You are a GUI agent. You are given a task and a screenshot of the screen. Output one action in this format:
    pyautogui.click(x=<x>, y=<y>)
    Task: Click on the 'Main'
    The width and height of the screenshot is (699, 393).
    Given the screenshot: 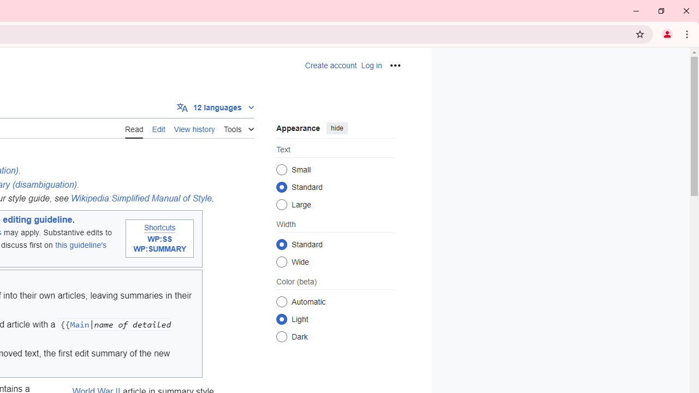 What is the action you would take?
    pyautogui.click(x=79, y=324)
    